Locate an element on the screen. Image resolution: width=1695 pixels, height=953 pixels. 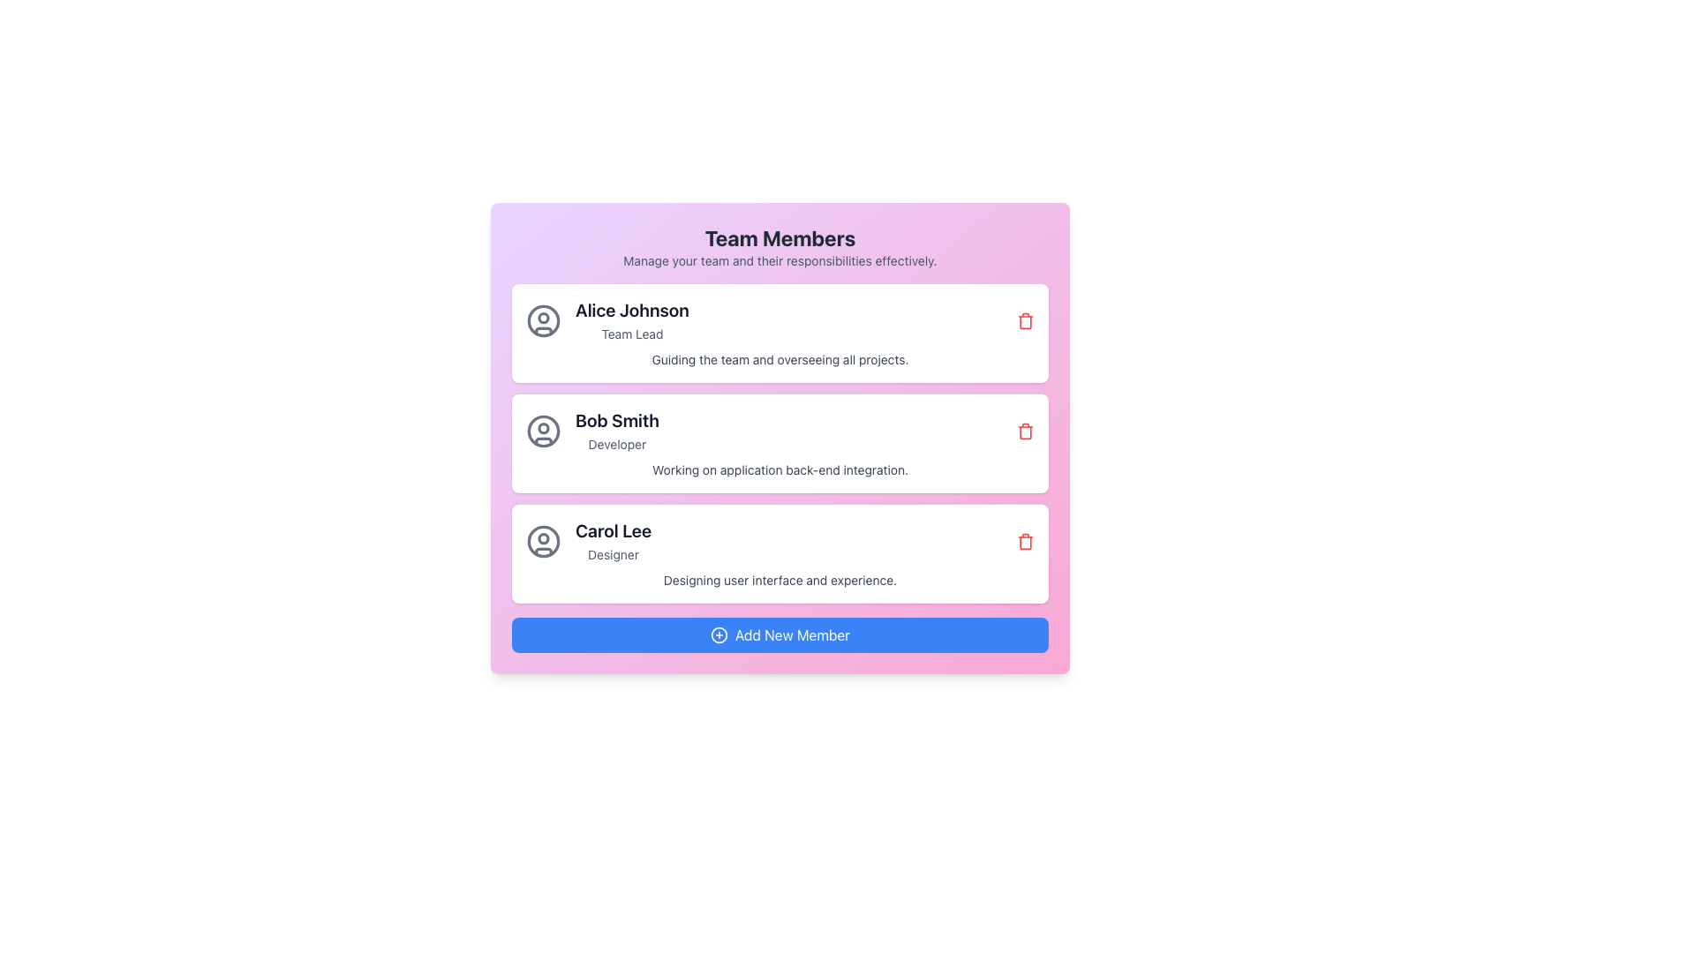
text displayed in the second card of the 'Team Members' section, which shows 'Bob Smith' and 'Developer' is located at coordinates (617, 431).